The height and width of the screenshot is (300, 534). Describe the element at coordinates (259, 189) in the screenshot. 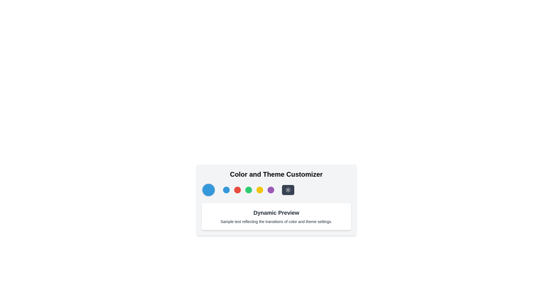

I see `the fourth circular button in the toolbar that represents a yellow color option, located between the green button on the left and the purple button on the right` at that location.